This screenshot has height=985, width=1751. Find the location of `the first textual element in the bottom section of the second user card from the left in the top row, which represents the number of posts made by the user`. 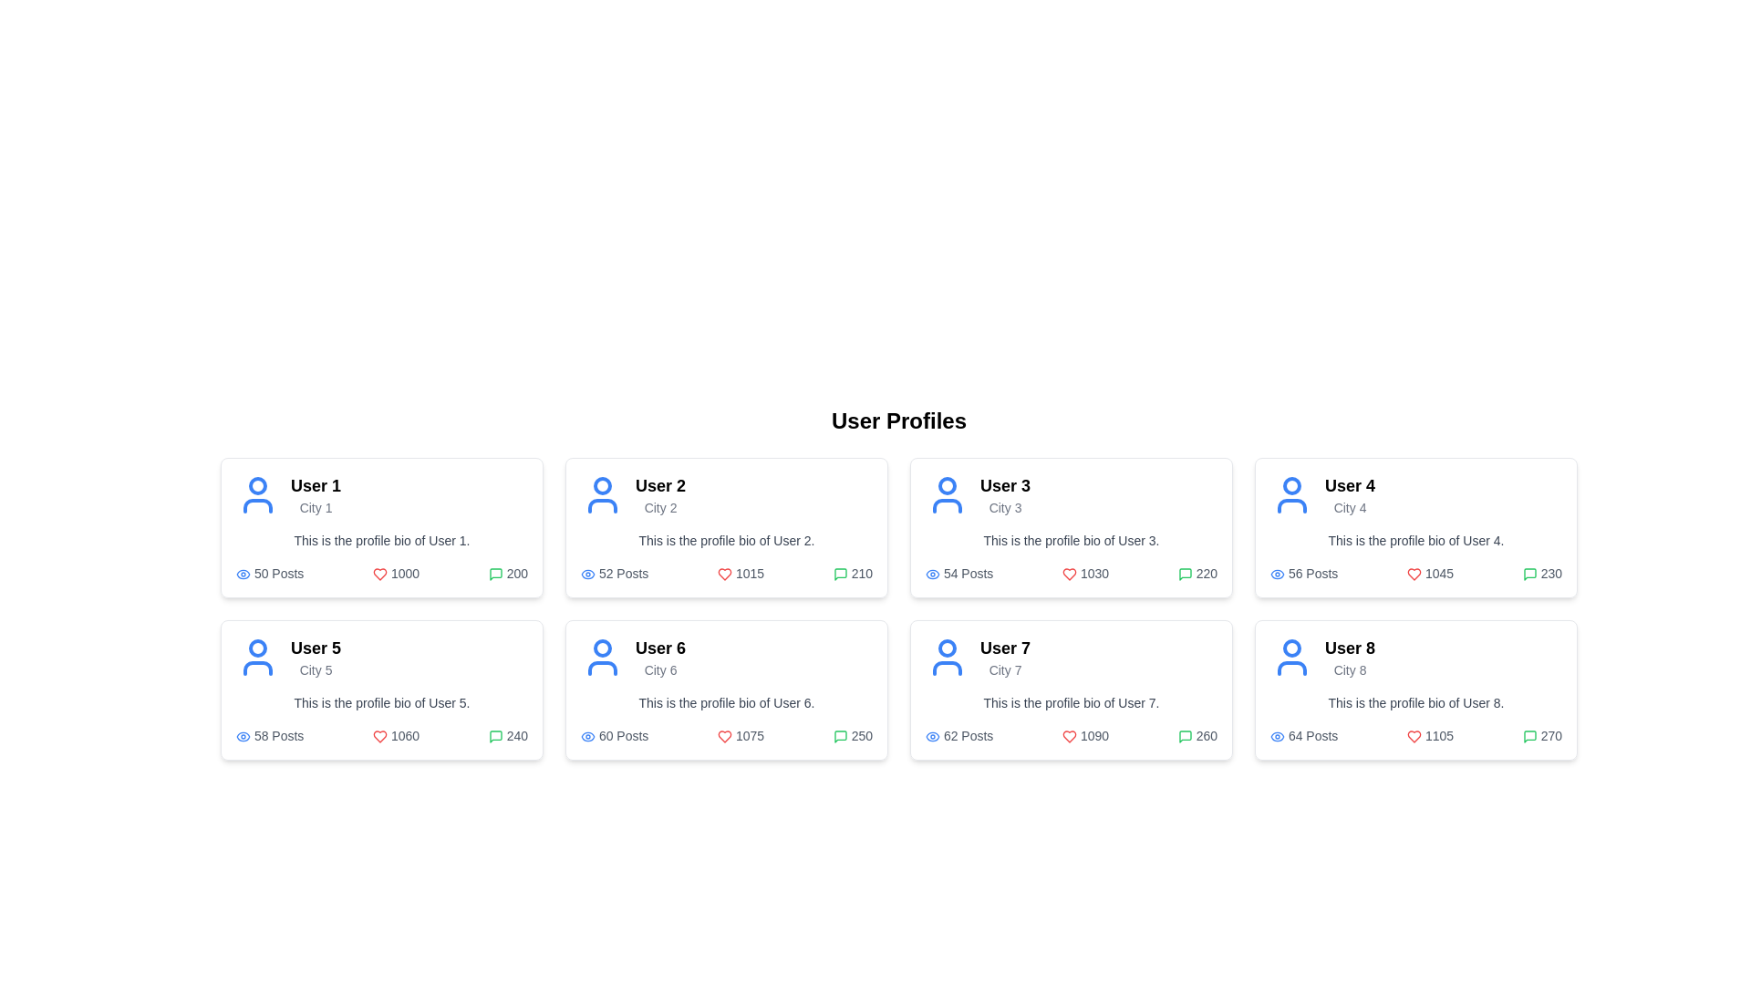

the first textual element in the bottom section of the second user card from the left in the top row, which represents the number of posts made by the user is located at coordinates (615, 572).